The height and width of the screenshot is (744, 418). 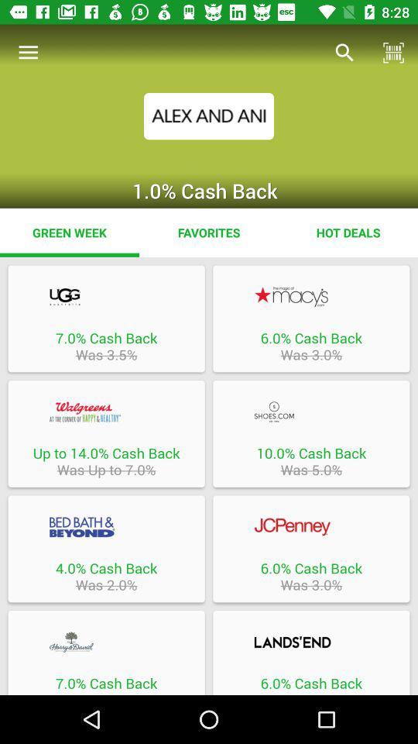 I want to click on buying option, so click(x=105, y=296).